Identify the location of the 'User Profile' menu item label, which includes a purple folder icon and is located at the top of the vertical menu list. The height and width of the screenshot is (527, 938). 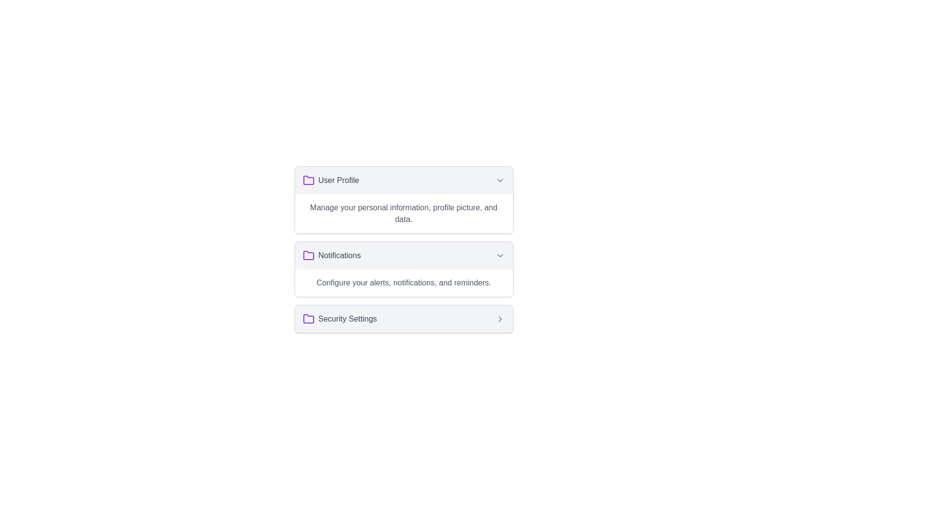
(331, 181).